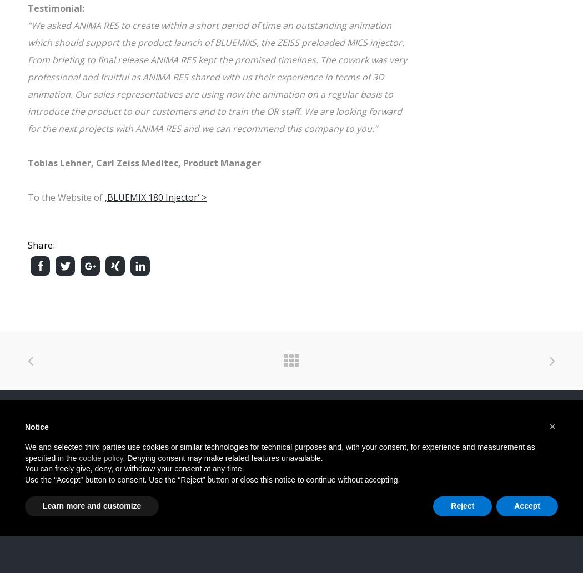  What do you see at coordinates (450, 505) in the screenshot?
I see `'Reject'` at bounding box center [450, 505].